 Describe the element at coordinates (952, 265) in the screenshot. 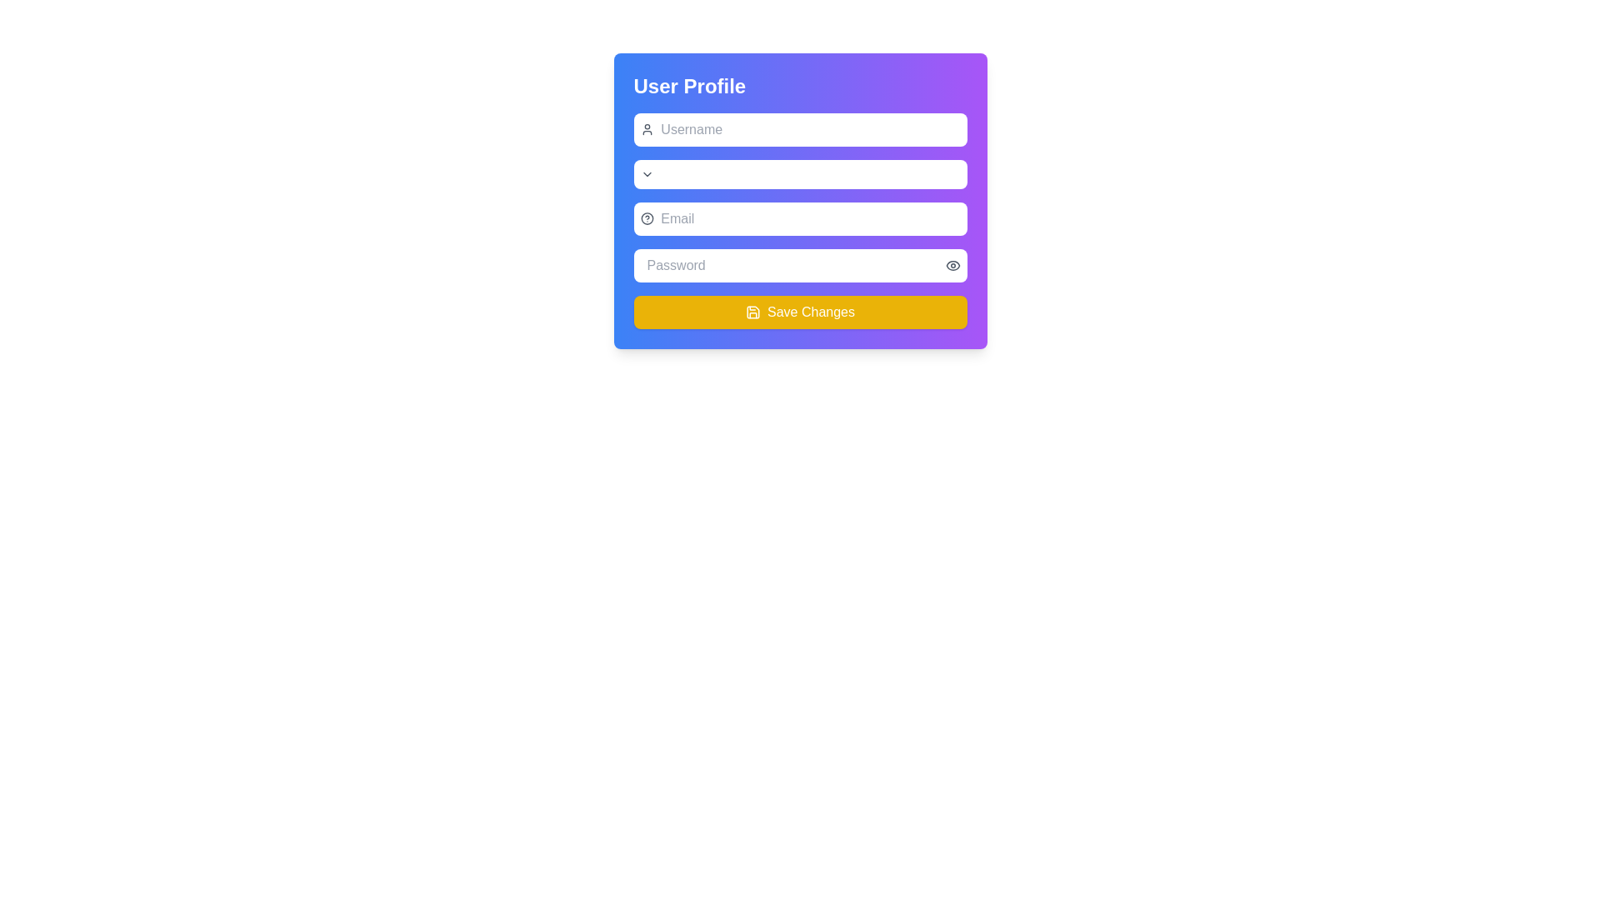

I see `the gray button with an eye icon that is located to the right of the password input field` at that location.